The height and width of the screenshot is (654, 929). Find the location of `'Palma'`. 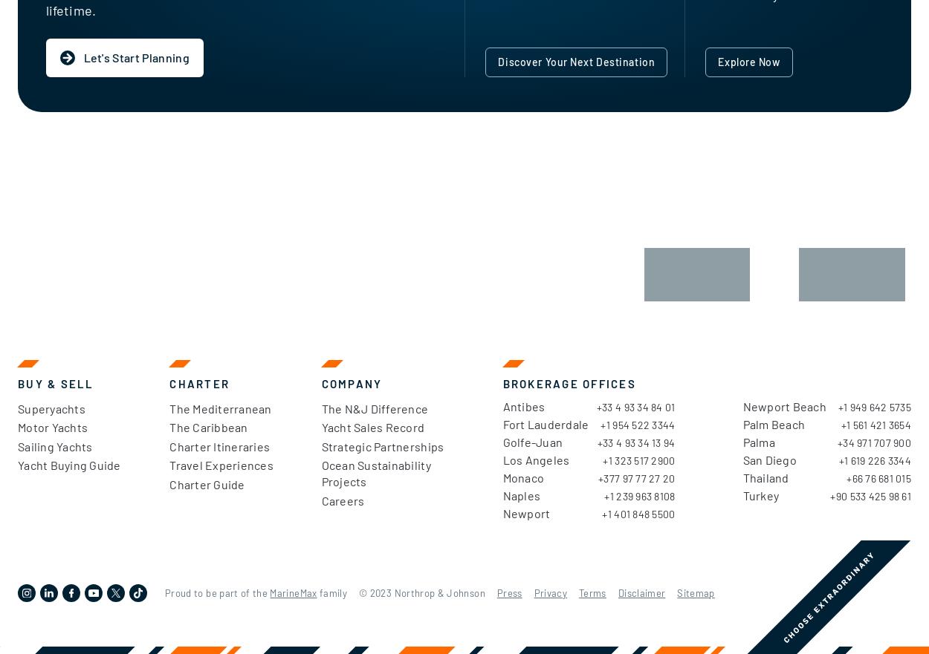

'Palma' is located at coordinates (758, 441).